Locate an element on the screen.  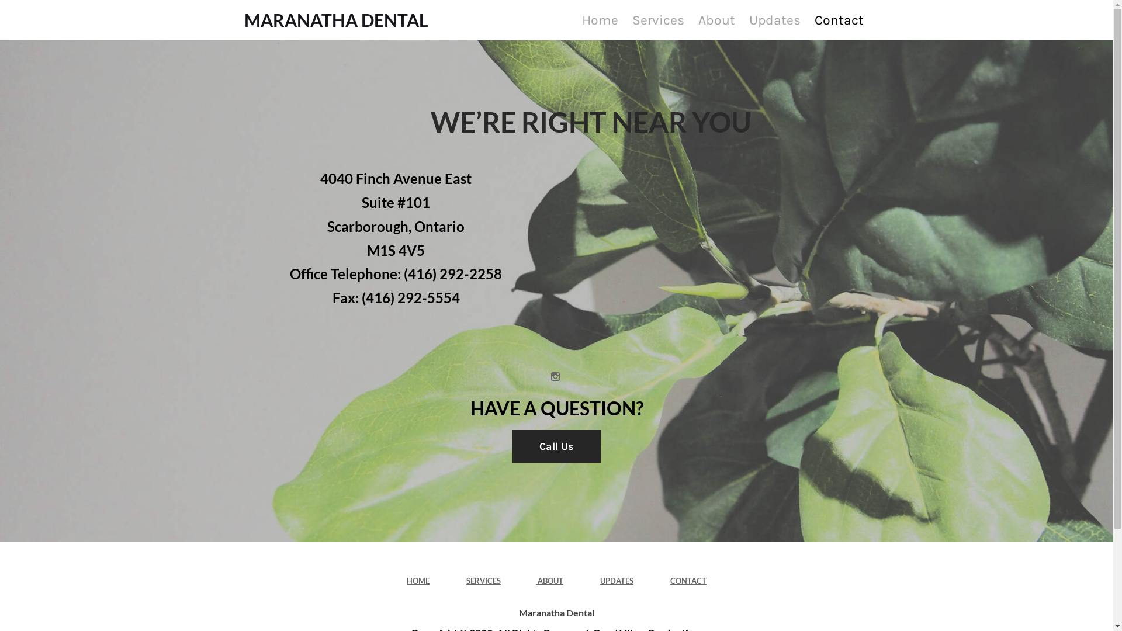
'HOME' is located at coordinates (418, 581).